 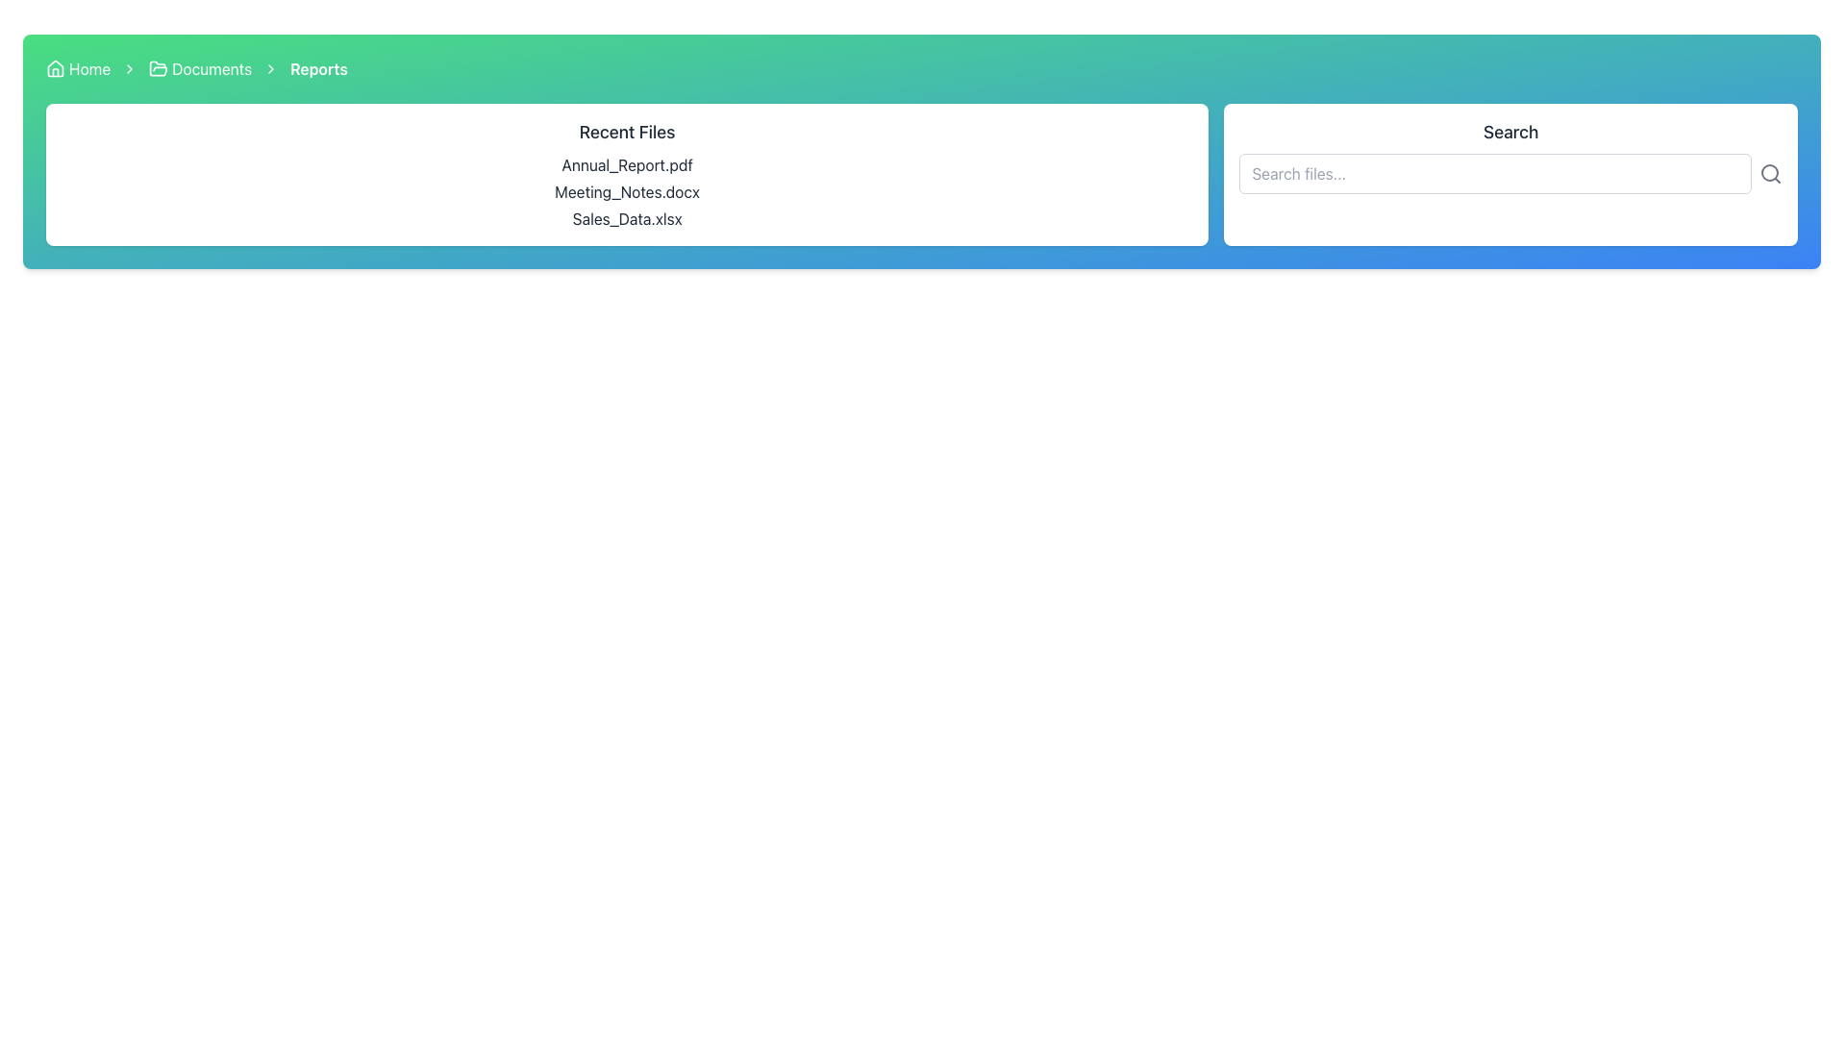 I want to click on the right-facing chevron icon in the breadcrumb navigation component, which visually separates 'Documents' and 'Reports', so click(x=270, y=68).